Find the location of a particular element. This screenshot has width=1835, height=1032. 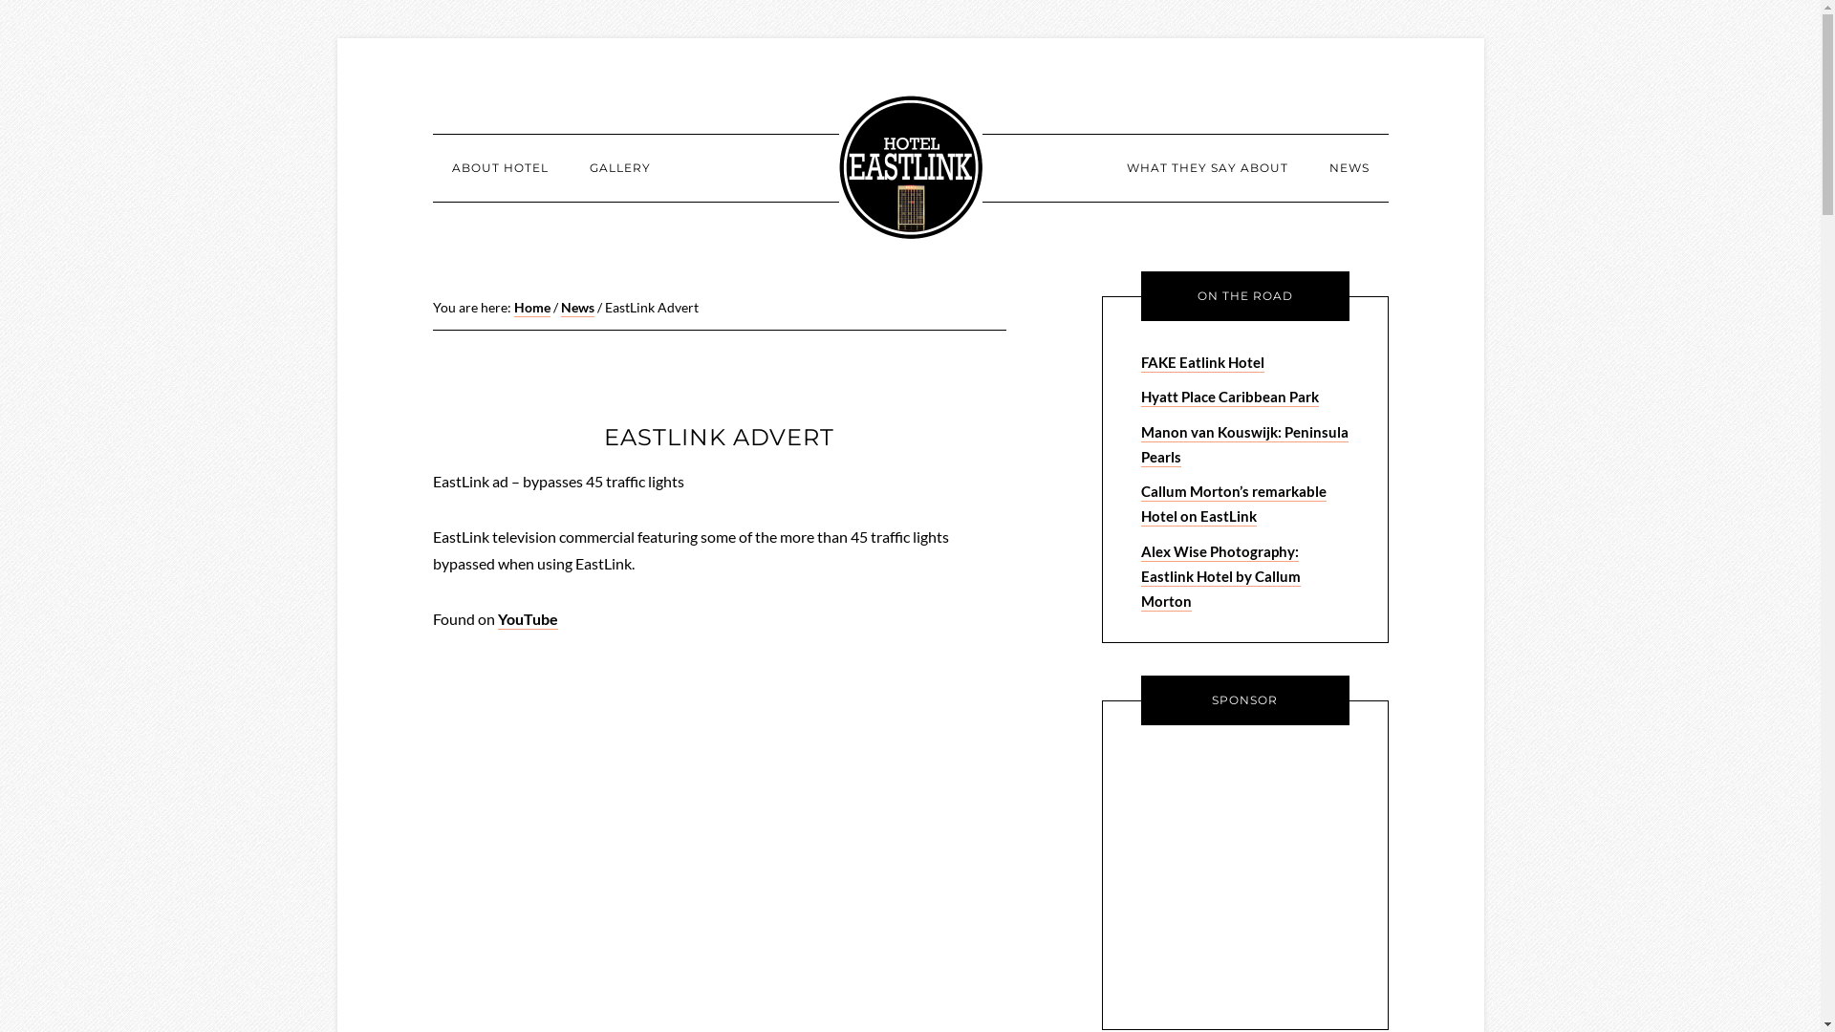

'Manon van Kouswijk: Peninsula Pearls' is located at coordinates (1141, 444).